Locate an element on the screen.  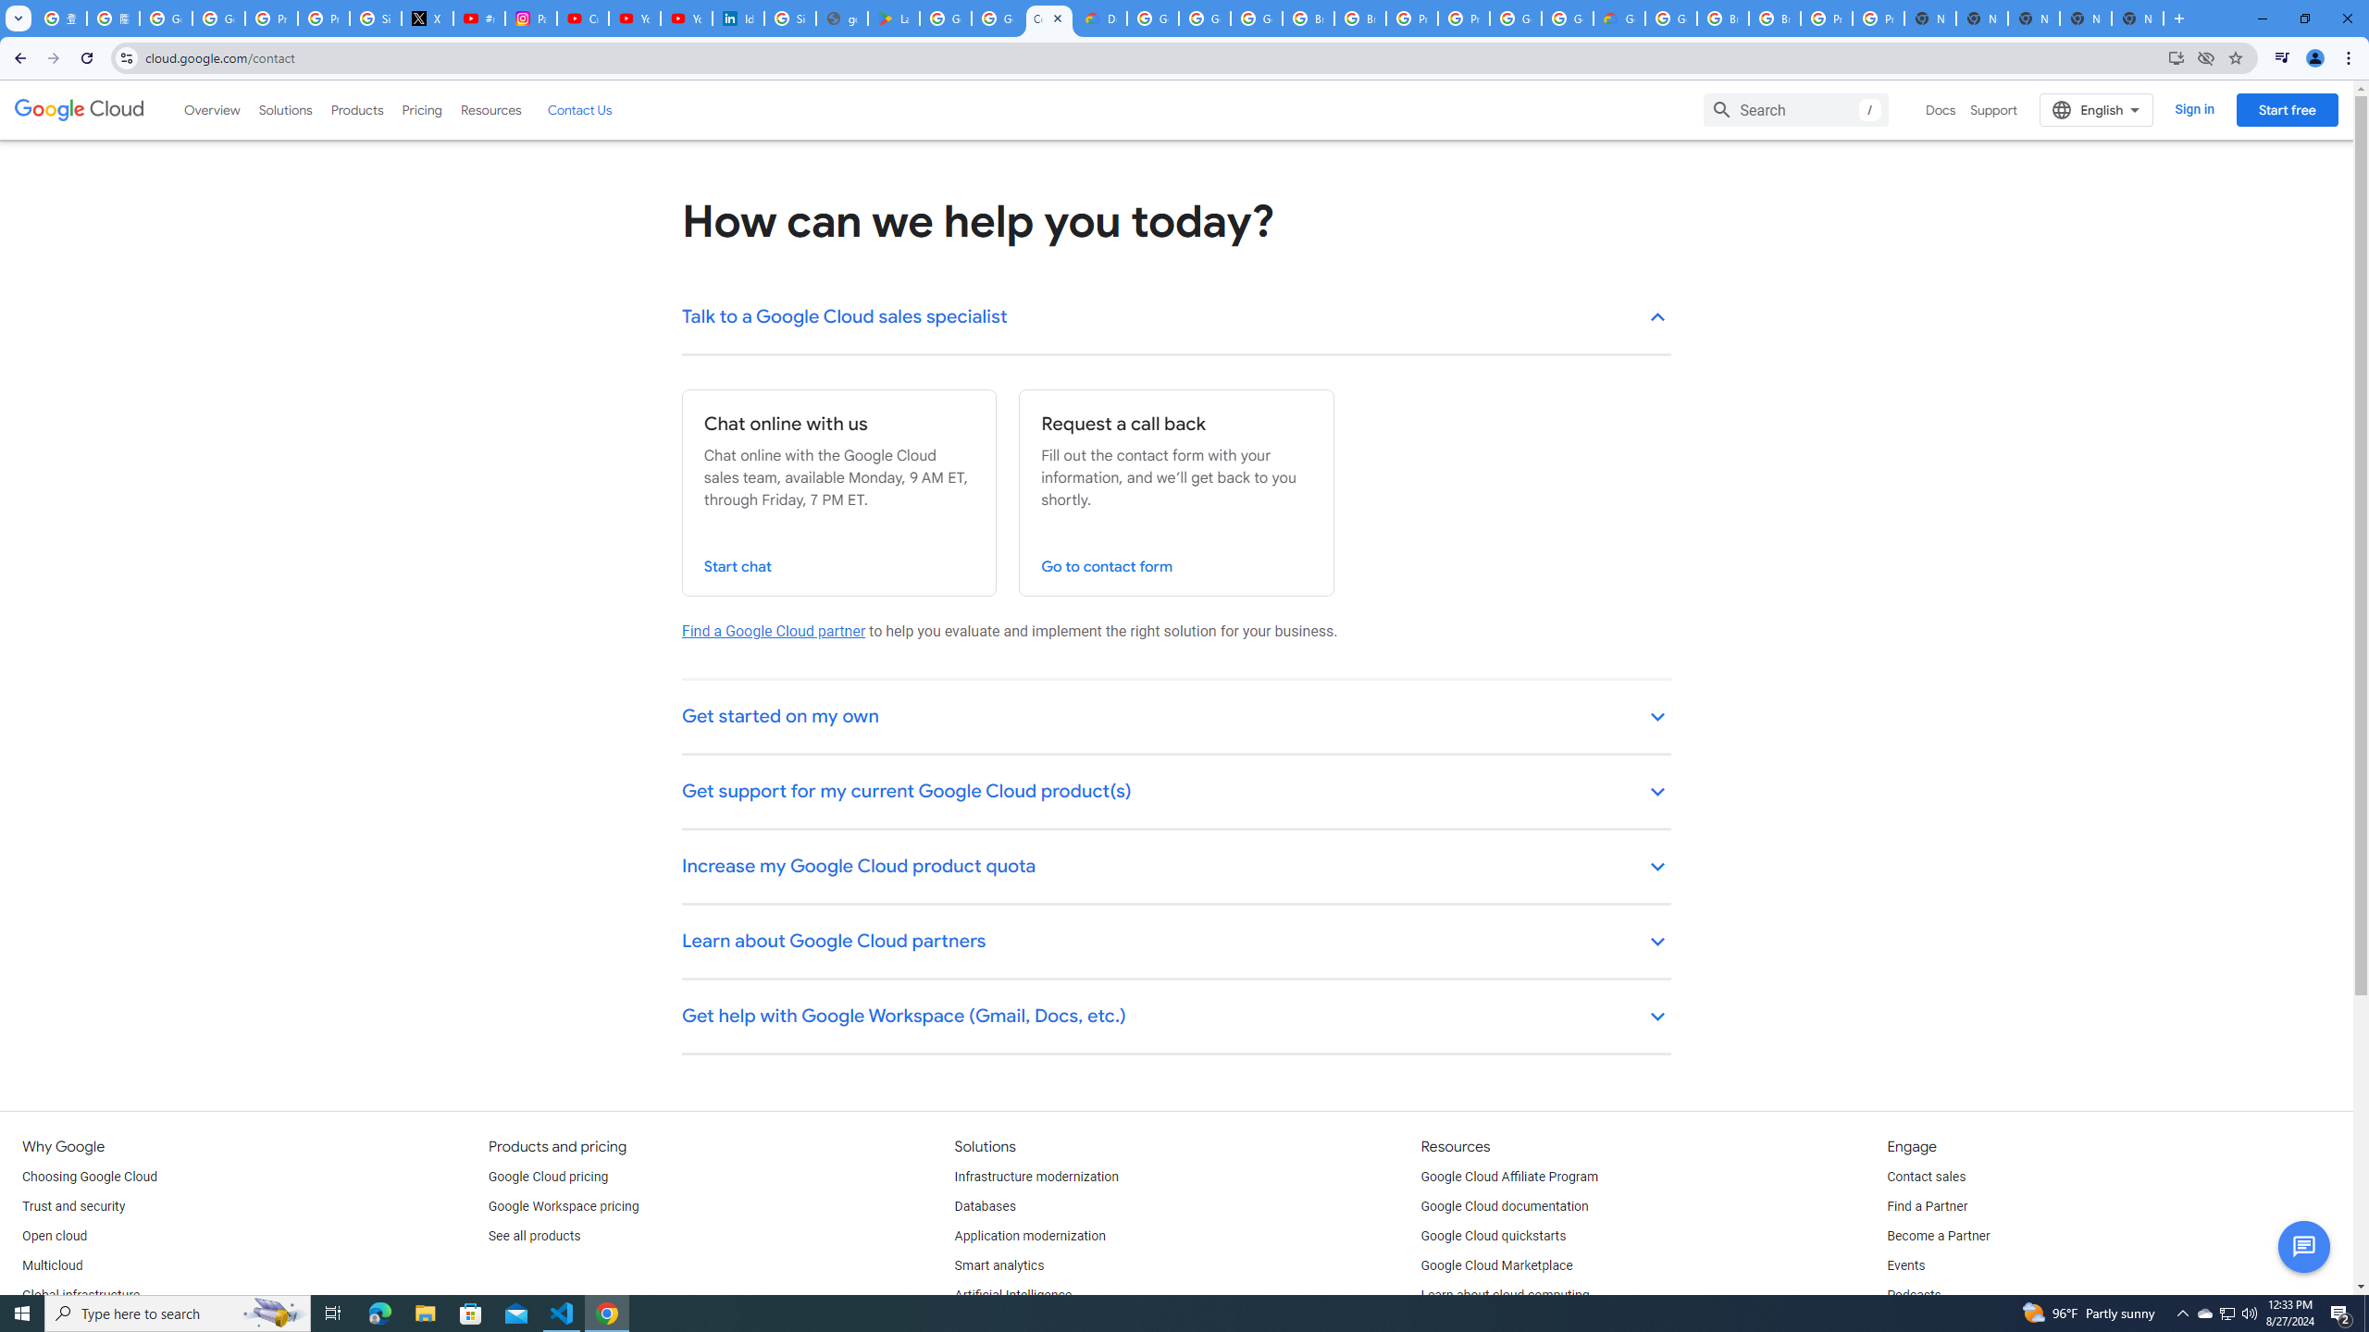
'Multicloud' is located at coordinates (52, 1265).